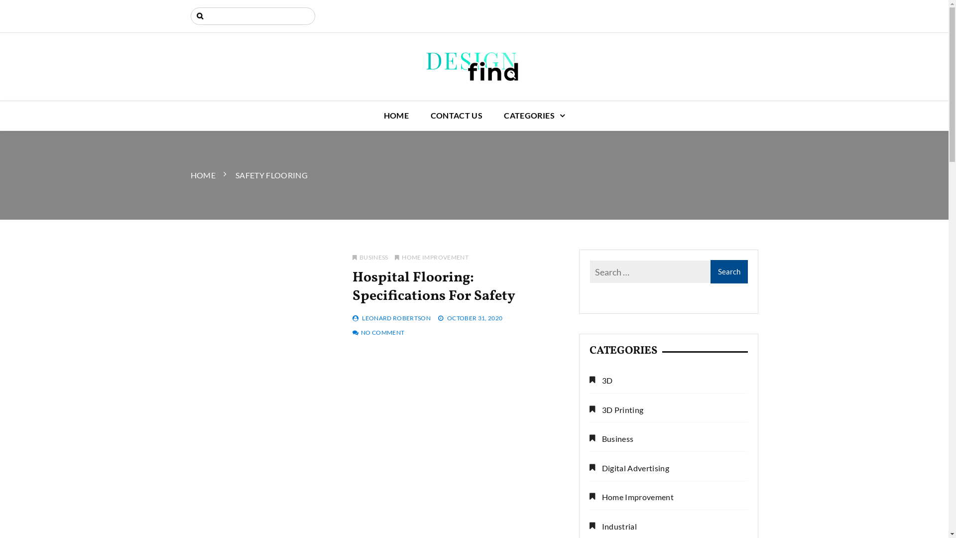  What do you see at coordinates (494, 115) in the screenshot?
I see `'CATEGORIES'` at bounding box center [494, 115].